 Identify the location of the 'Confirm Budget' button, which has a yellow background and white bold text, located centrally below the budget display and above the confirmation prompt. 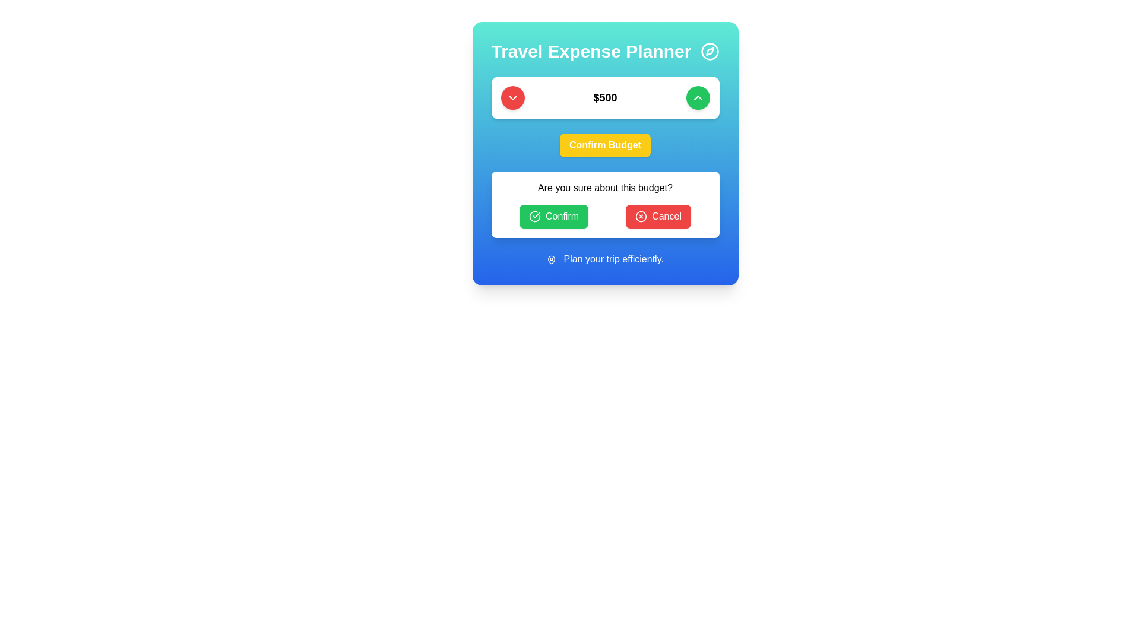
(605, 153).